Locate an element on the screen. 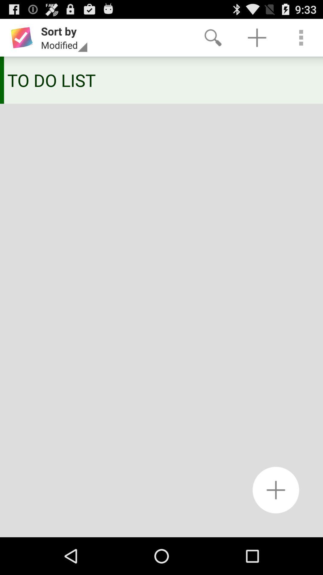 This screenshot has width=323, height=575. a task is located at coordinates (276, 490).